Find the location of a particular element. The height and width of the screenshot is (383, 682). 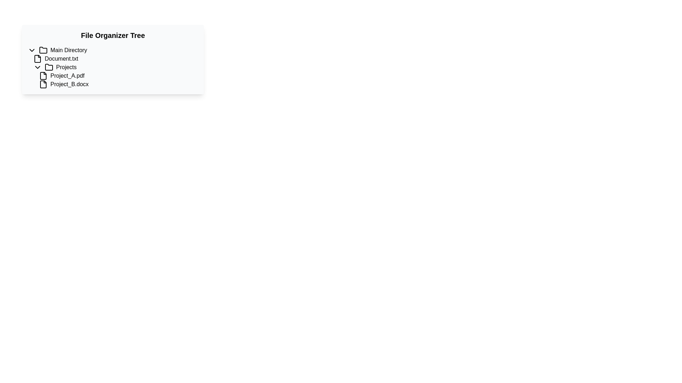

Text Label that serves as a textual representation of the directory context in the directory listing interface, located at the top-left is located at coordinates (69, 50).